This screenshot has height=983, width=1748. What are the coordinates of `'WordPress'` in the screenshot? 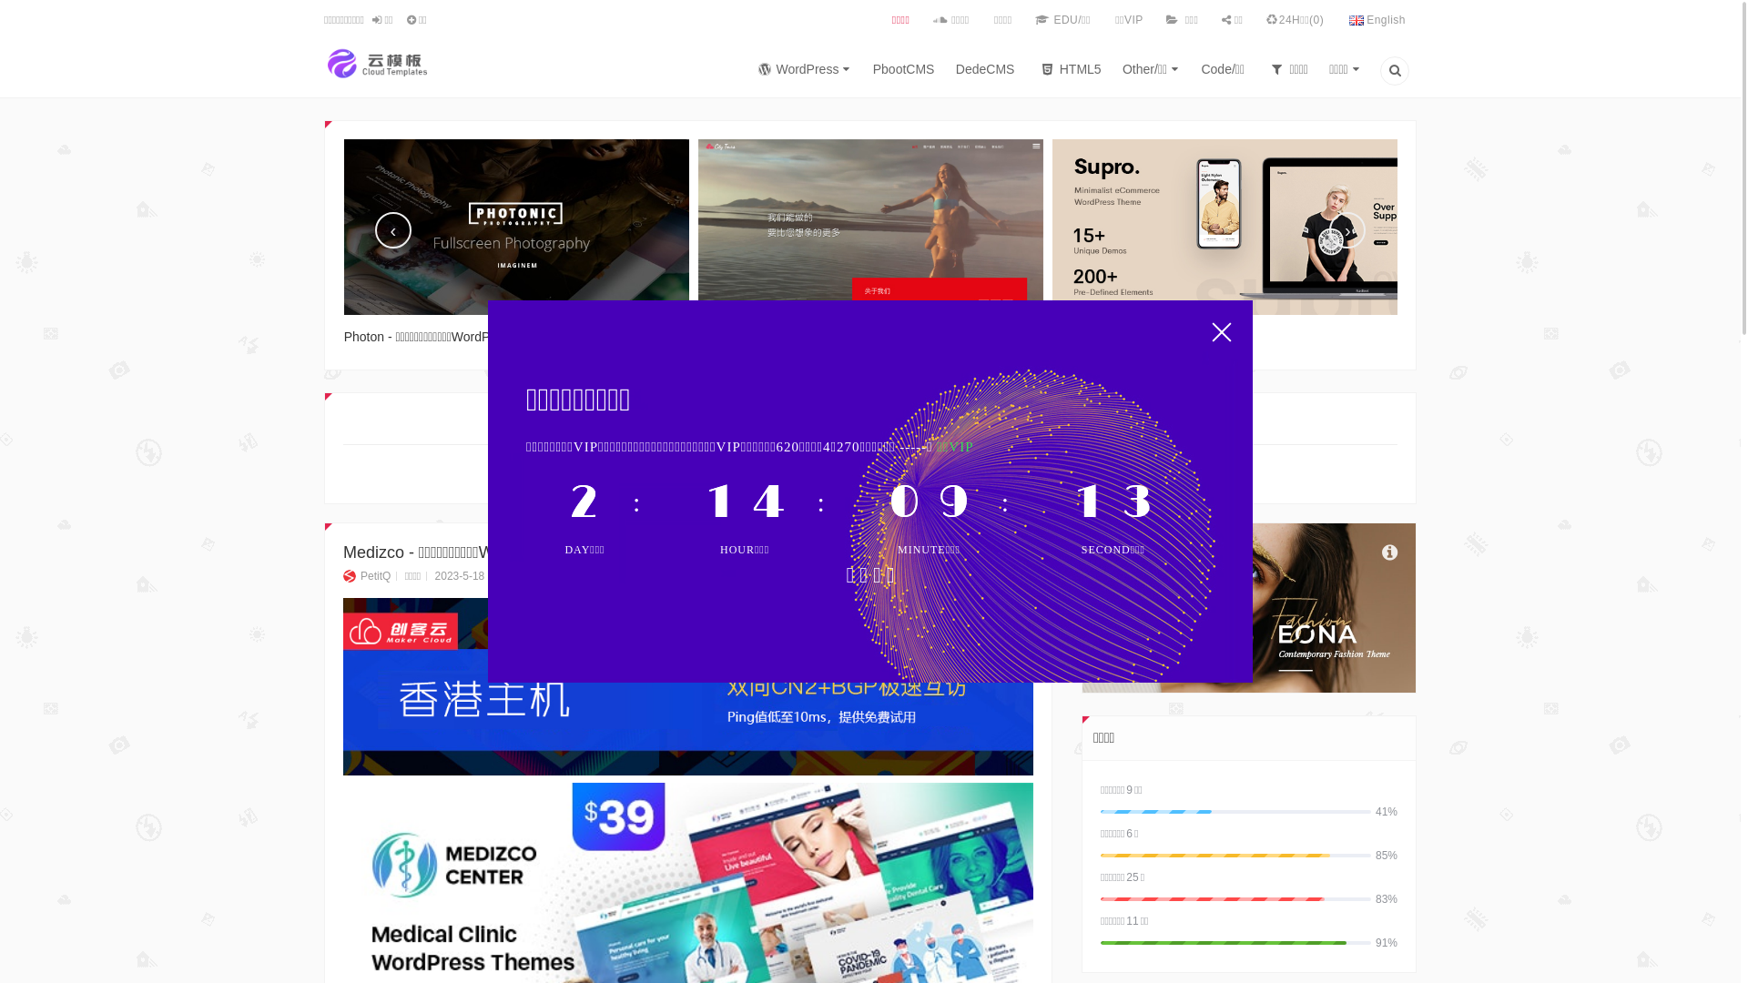 It's located at (801, 72).